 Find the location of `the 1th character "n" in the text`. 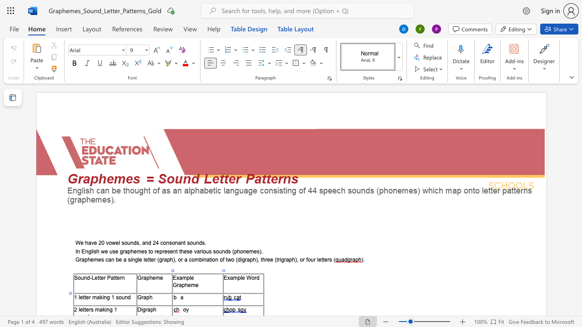

the 1th character "n" in the text is located at coordinates (105, 297).